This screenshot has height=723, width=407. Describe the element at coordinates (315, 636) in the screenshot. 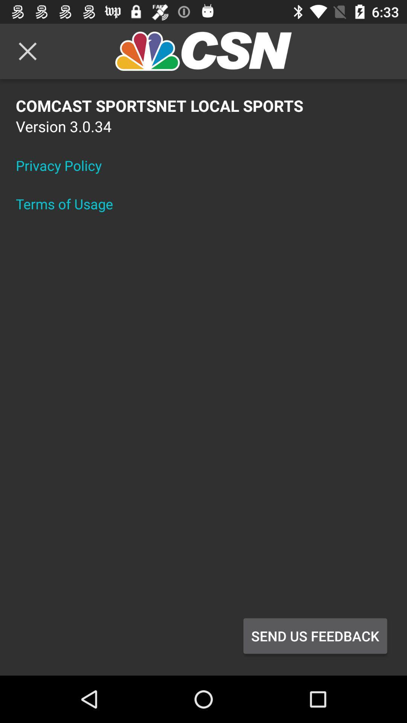

I see `the item below comcast sportsnet local icon` at that location.